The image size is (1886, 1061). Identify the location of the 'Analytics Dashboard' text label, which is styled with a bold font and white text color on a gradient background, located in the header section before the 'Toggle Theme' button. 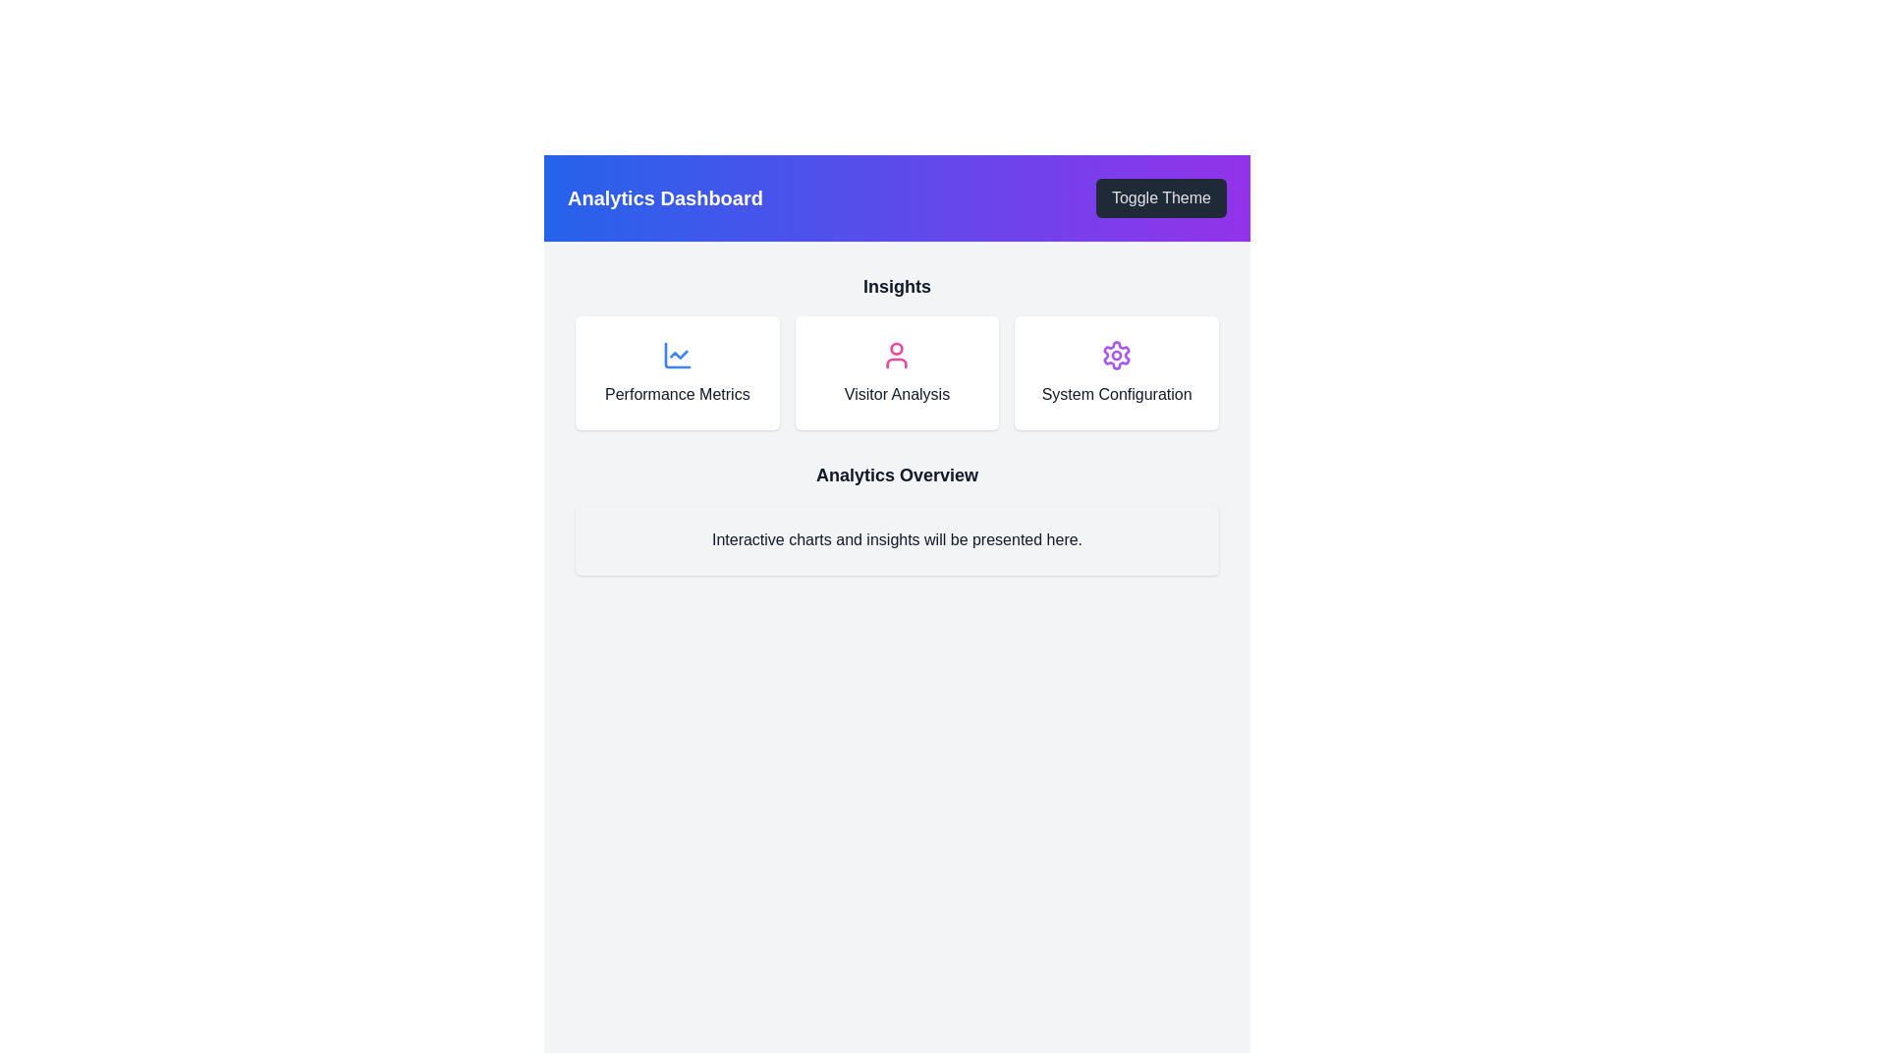
(665, 197).